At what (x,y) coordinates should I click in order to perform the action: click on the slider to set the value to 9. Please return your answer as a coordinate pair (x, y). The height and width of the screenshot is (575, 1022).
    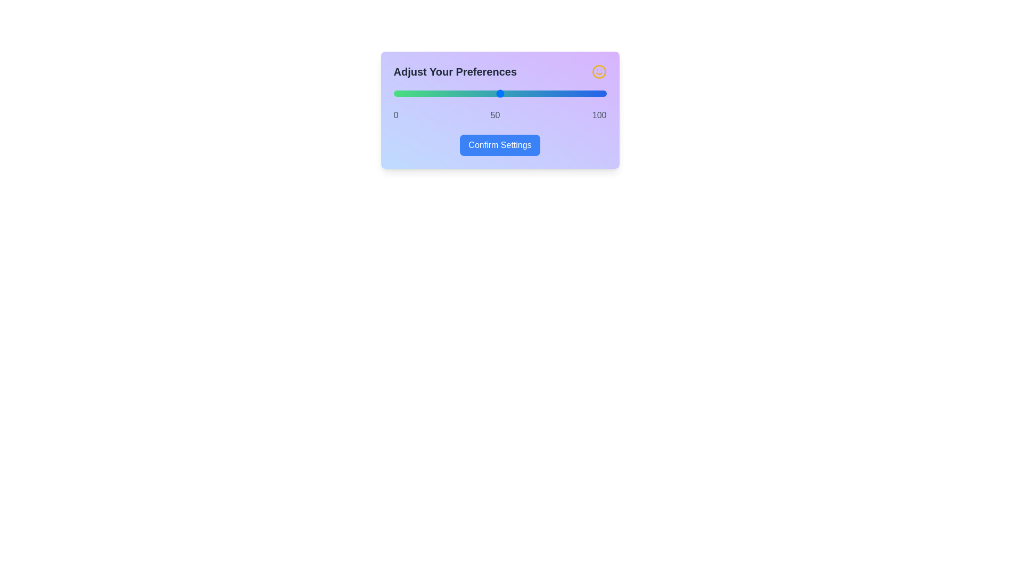
    Looking at the image, I should click on (412, 93).